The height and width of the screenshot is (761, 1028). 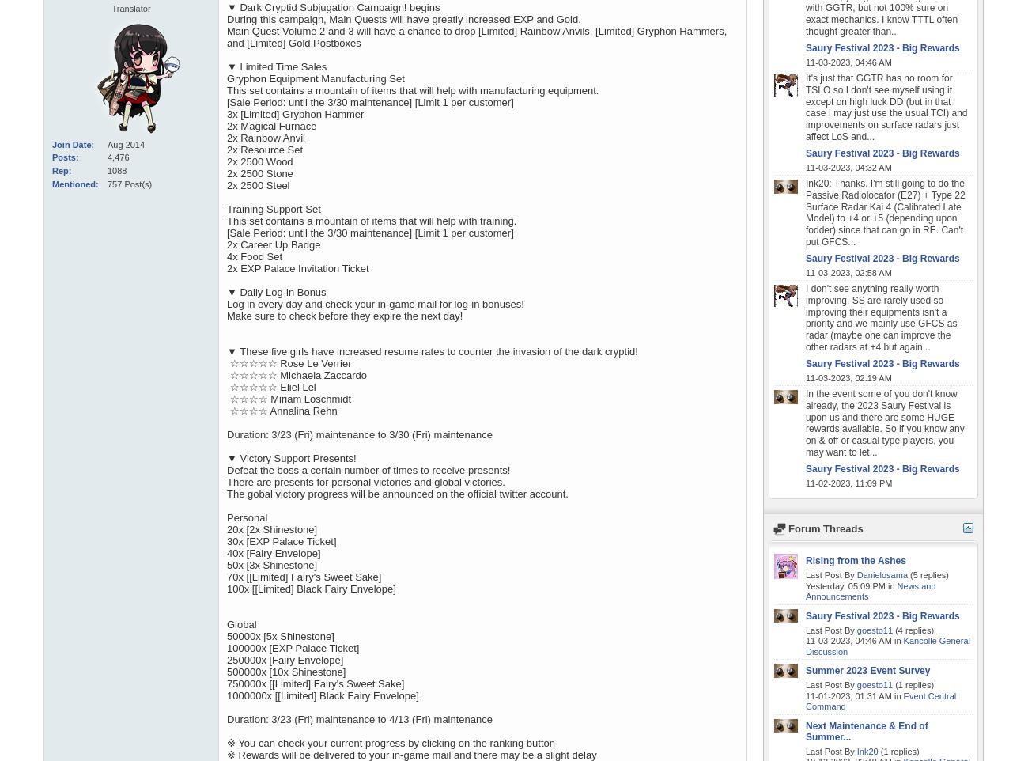 What do you see at coordinates (866, 731) in the screenshot?
I see `'Next Maintenance & End of Summer...'` at bounding box center [866, 731].